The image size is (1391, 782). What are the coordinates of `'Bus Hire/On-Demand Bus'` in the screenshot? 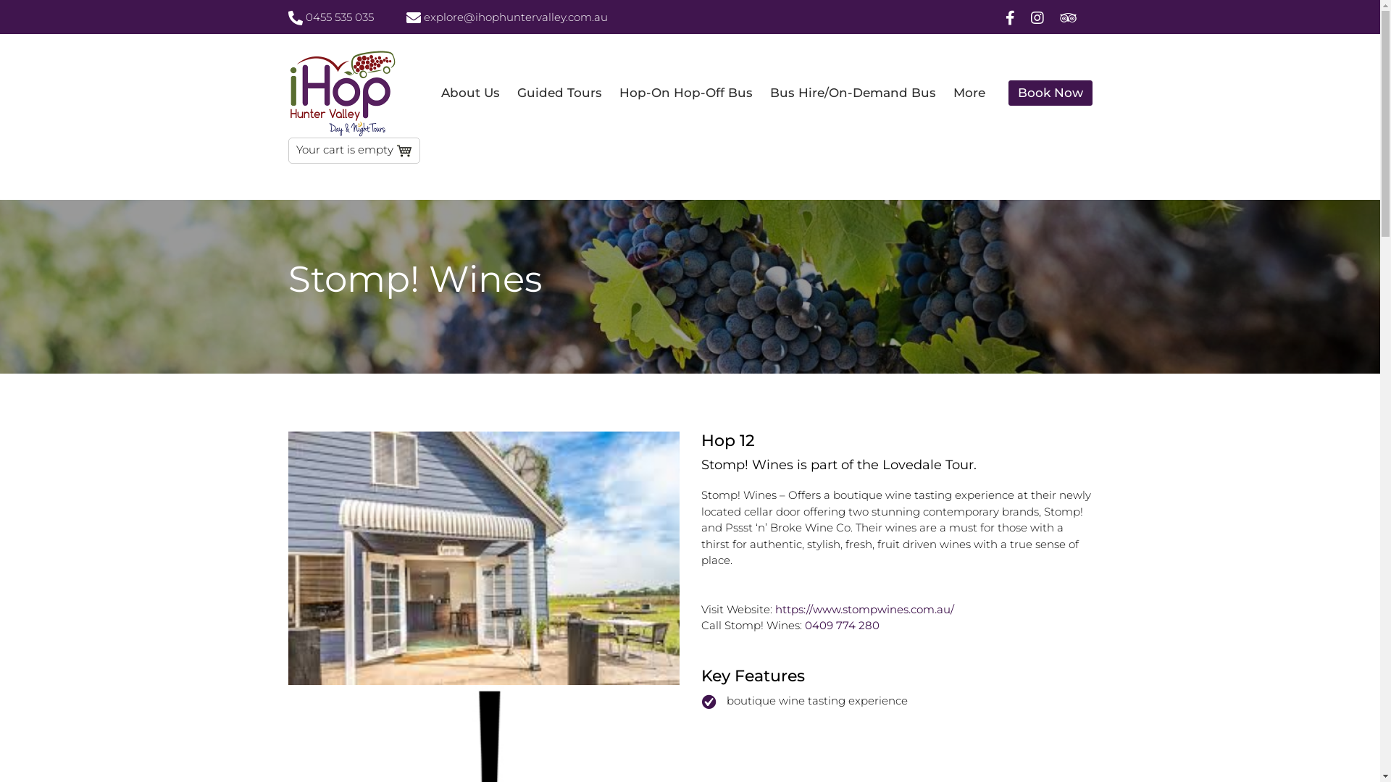 It's located at (852, 93).